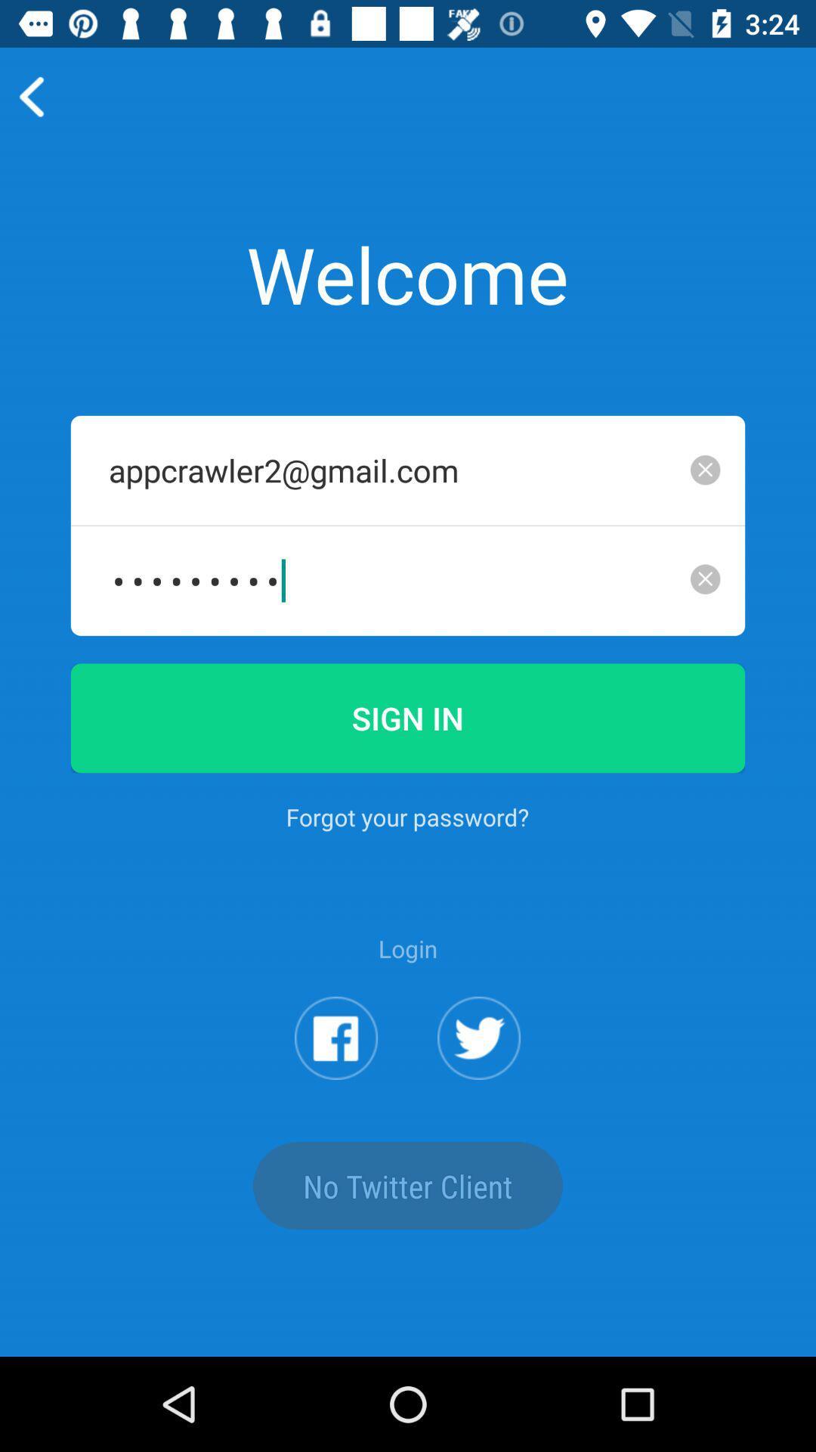 The image size is (816, 1452). I want to click on click x to hide email, so click(705, 469).